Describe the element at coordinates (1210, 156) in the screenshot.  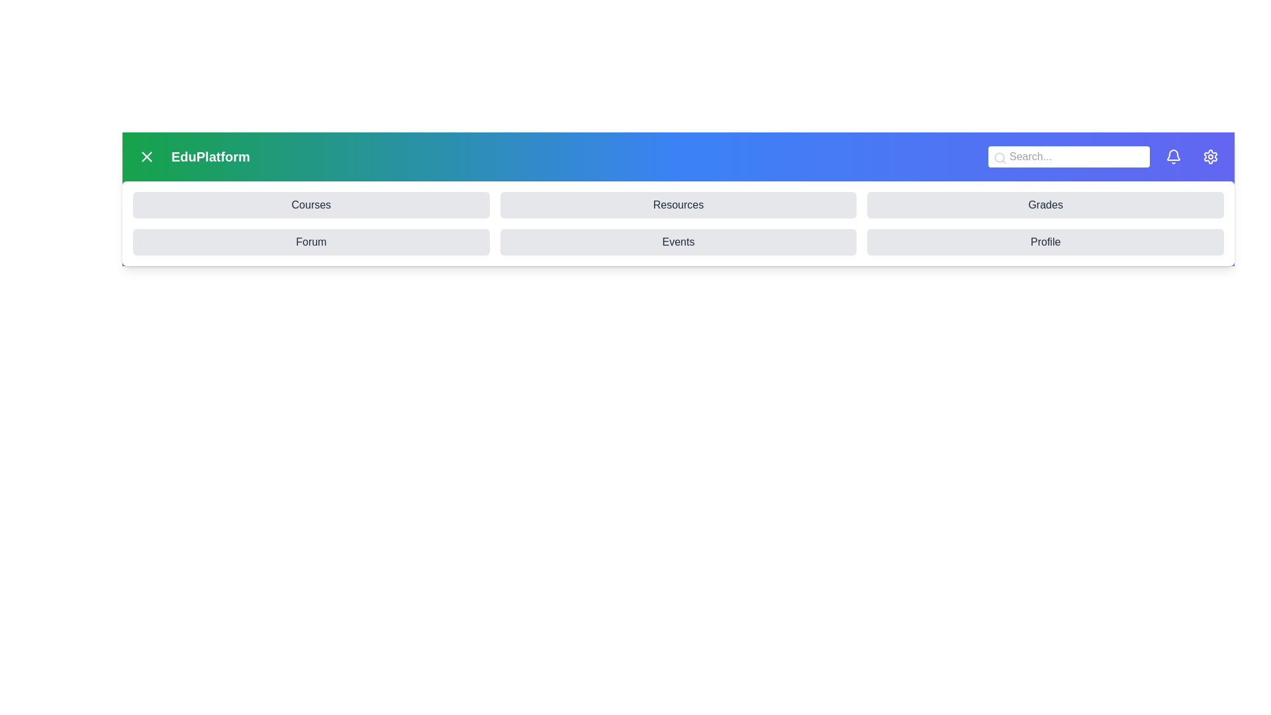
I see `the 'Settings' icon to open configuration options` at that location.